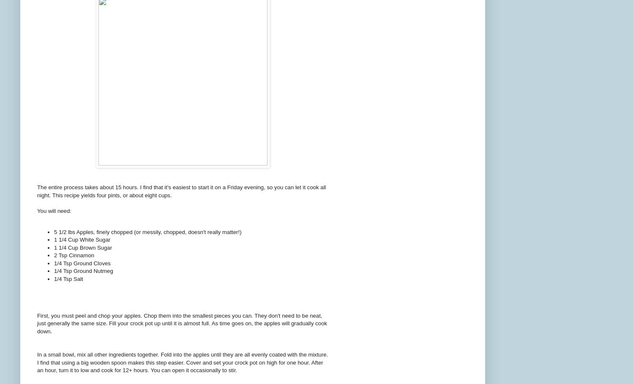 The width and height of the screenshot is (633, 384). What do you see at coordinates (74, 255) in the screenshot?
I see `'2 Tsp Cinnamon'` at bounding box center [74, 255].